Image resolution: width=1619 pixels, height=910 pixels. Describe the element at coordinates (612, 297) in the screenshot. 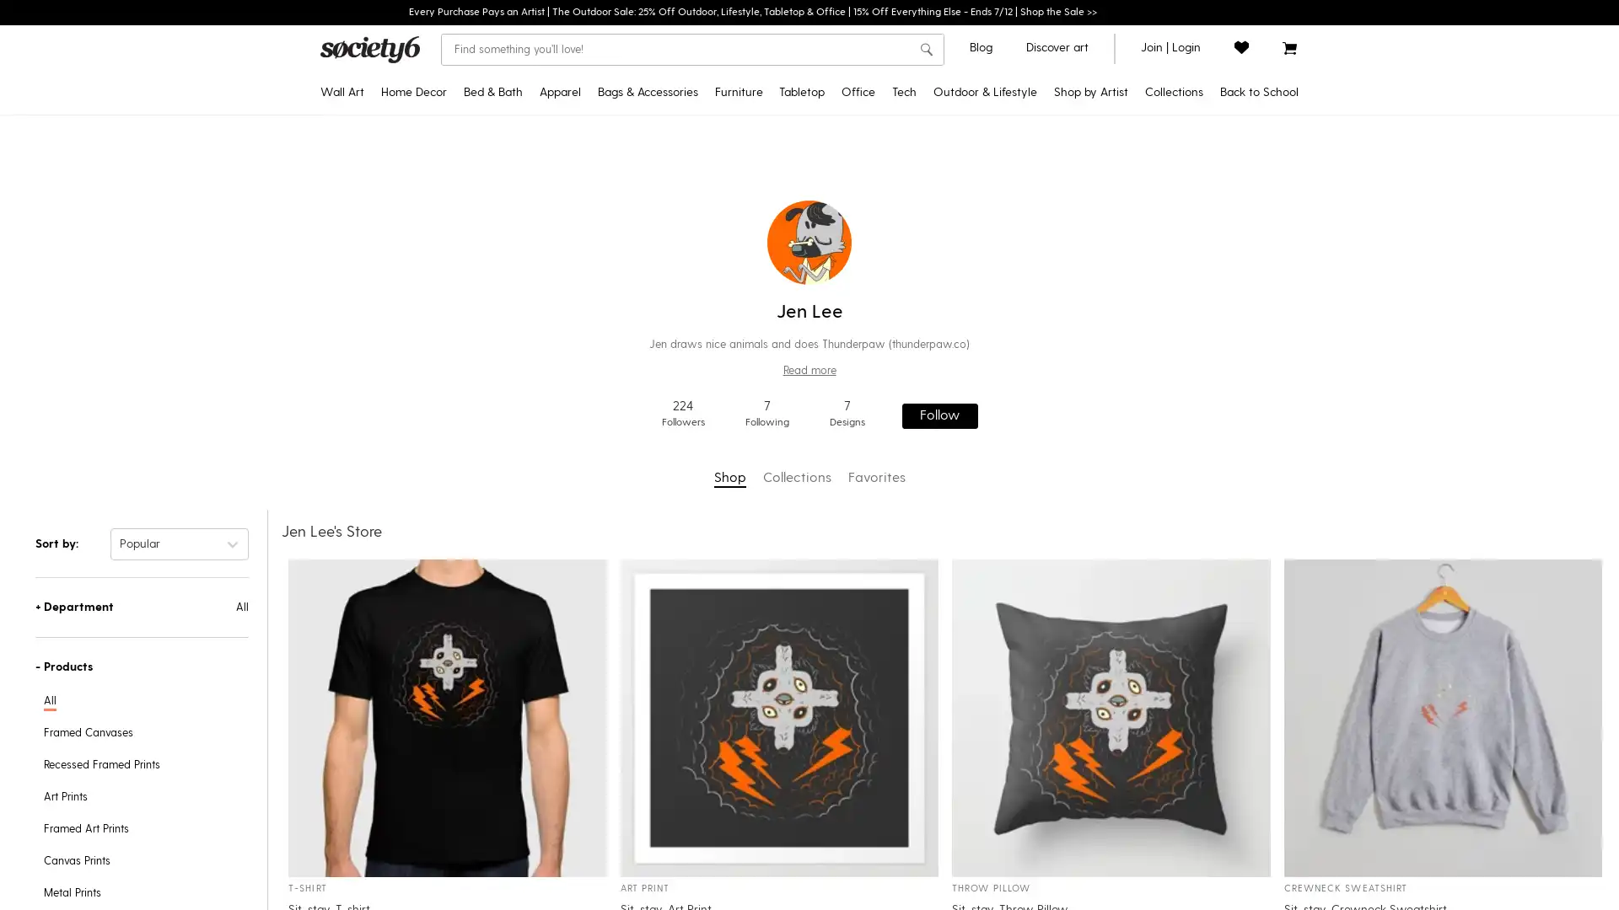

I see `Tank Tops` at that location.